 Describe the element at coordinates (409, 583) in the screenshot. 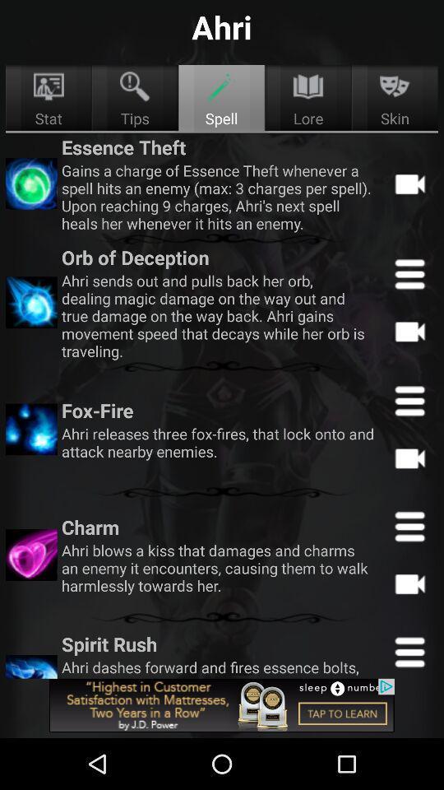

I see `charm video` at that location.